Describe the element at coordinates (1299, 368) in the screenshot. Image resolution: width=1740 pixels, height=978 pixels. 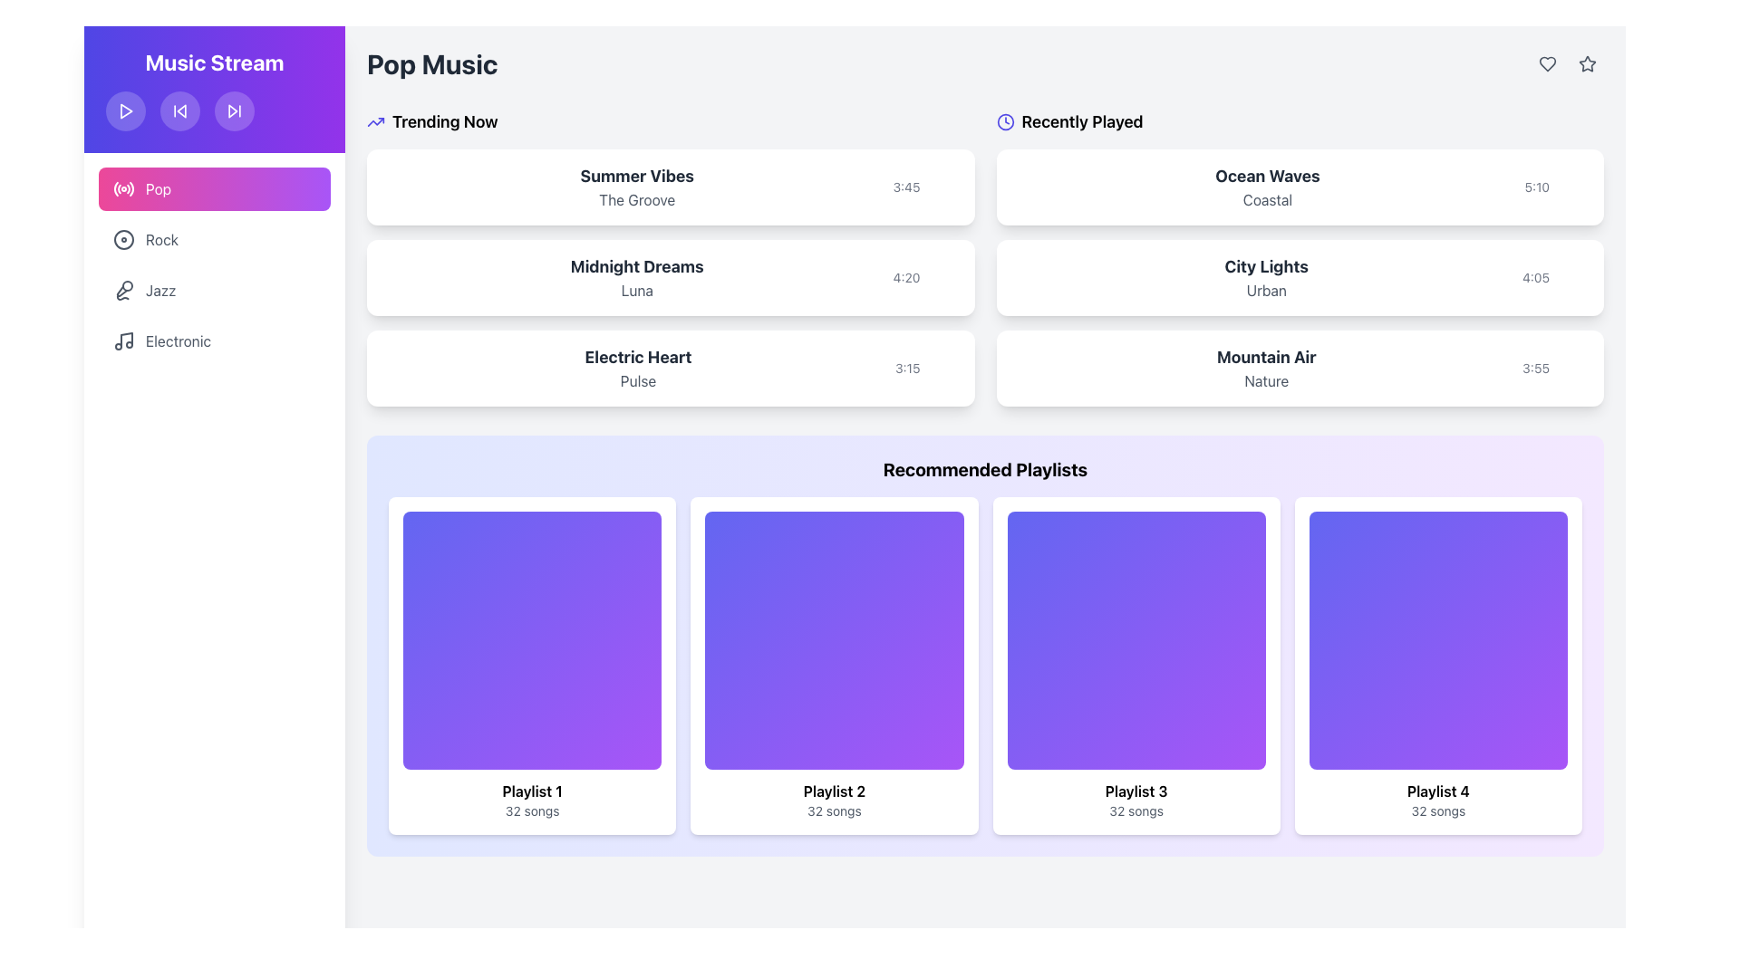
I see `the 'Mountain Air' clickable interactive card located in the 'Recently Played' section` at that location.